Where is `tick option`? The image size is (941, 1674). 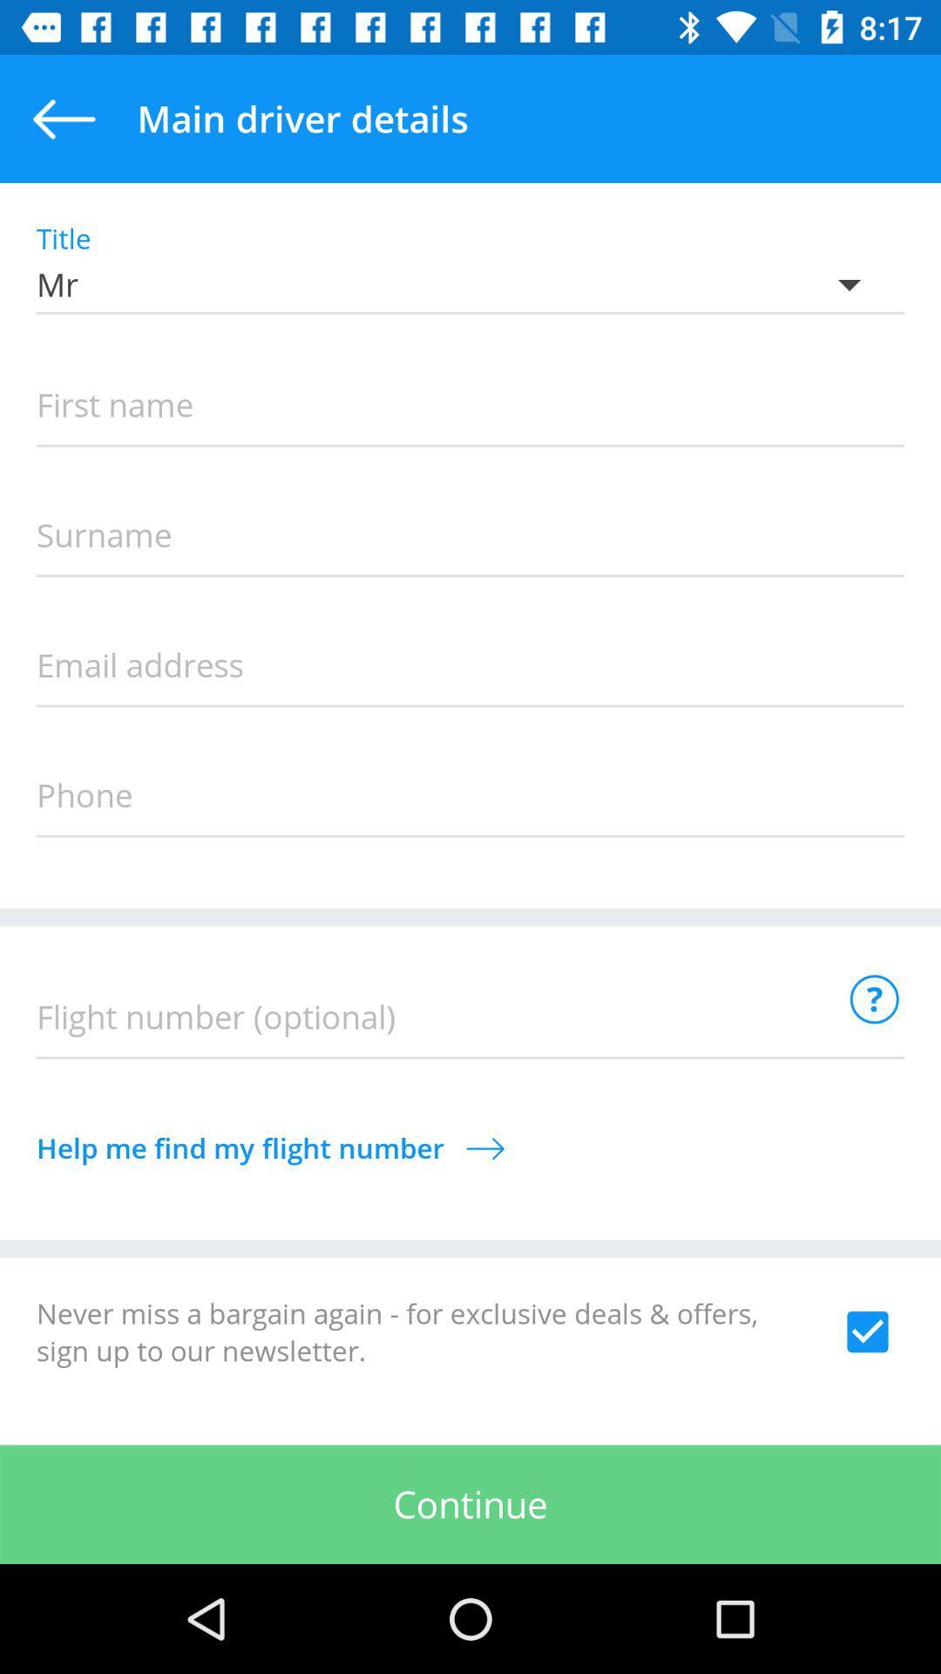
tick option is located at coordinates (867, 1330).